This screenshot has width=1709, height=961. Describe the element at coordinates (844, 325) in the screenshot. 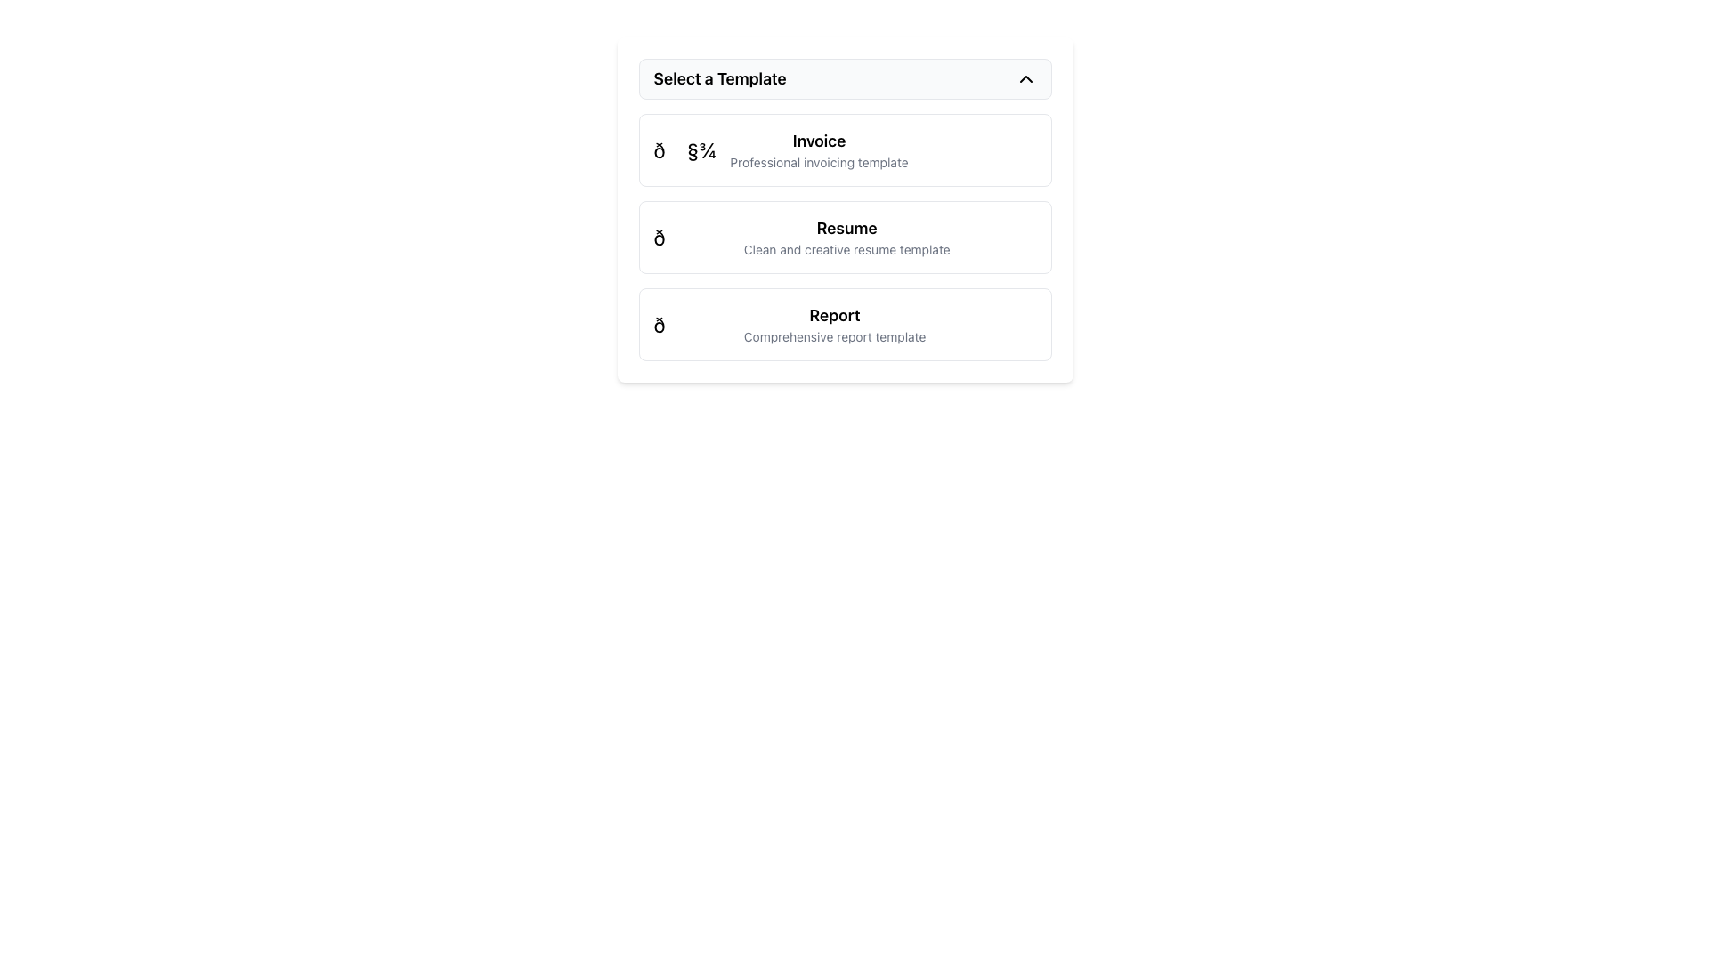

I see `the third selectable list item representing the comprehensive report template` at that location.